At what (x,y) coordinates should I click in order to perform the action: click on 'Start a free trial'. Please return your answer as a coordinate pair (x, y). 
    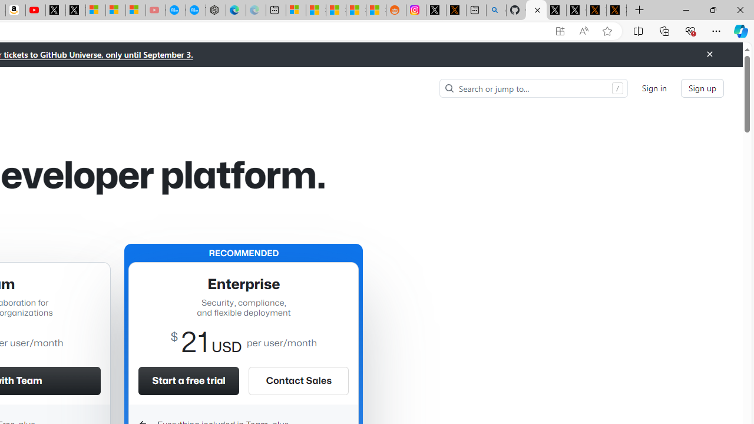
    Looking at the image, I should click on (188, 380).